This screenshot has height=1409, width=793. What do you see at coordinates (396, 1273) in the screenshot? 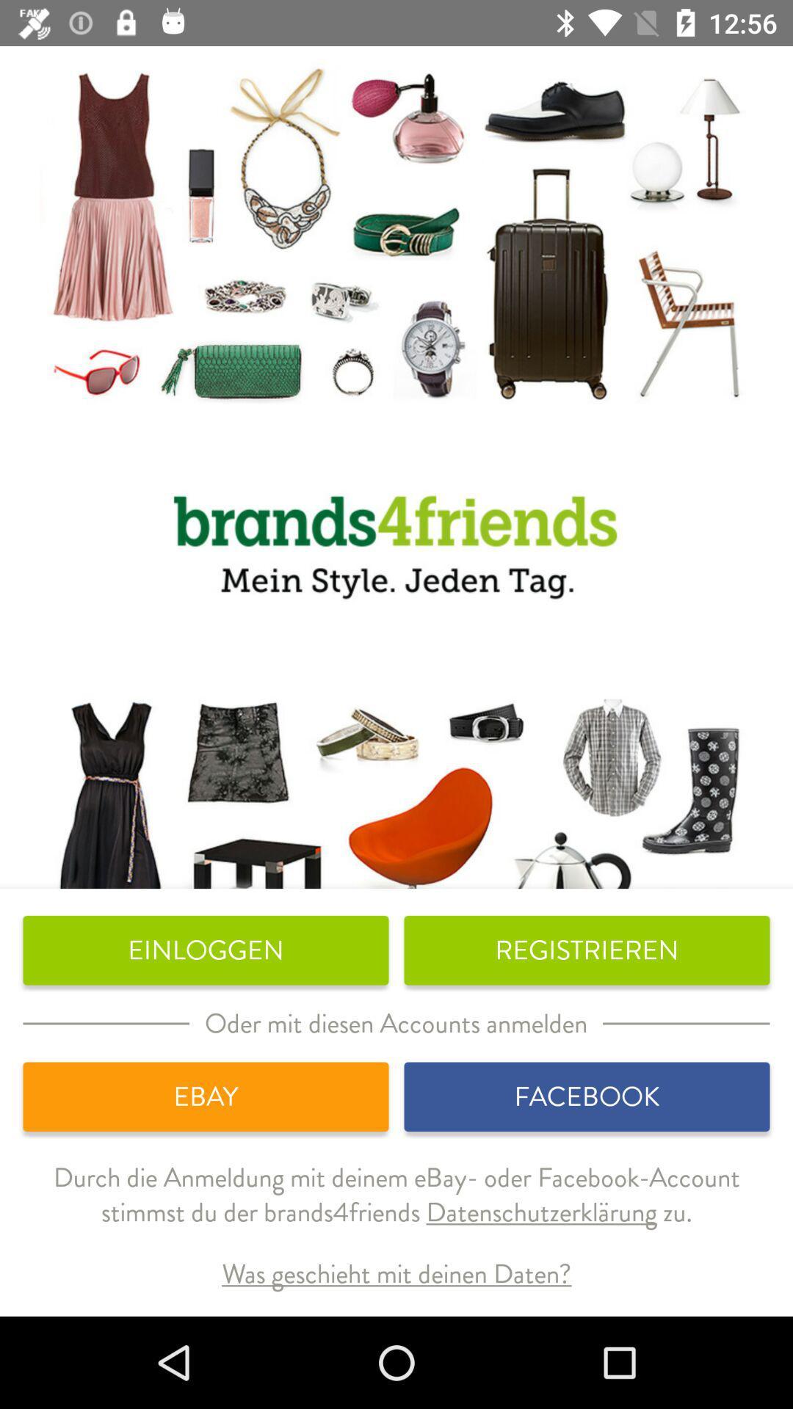
I see `item below the durch die anmeldung item` at bounding box center [396, 1273].